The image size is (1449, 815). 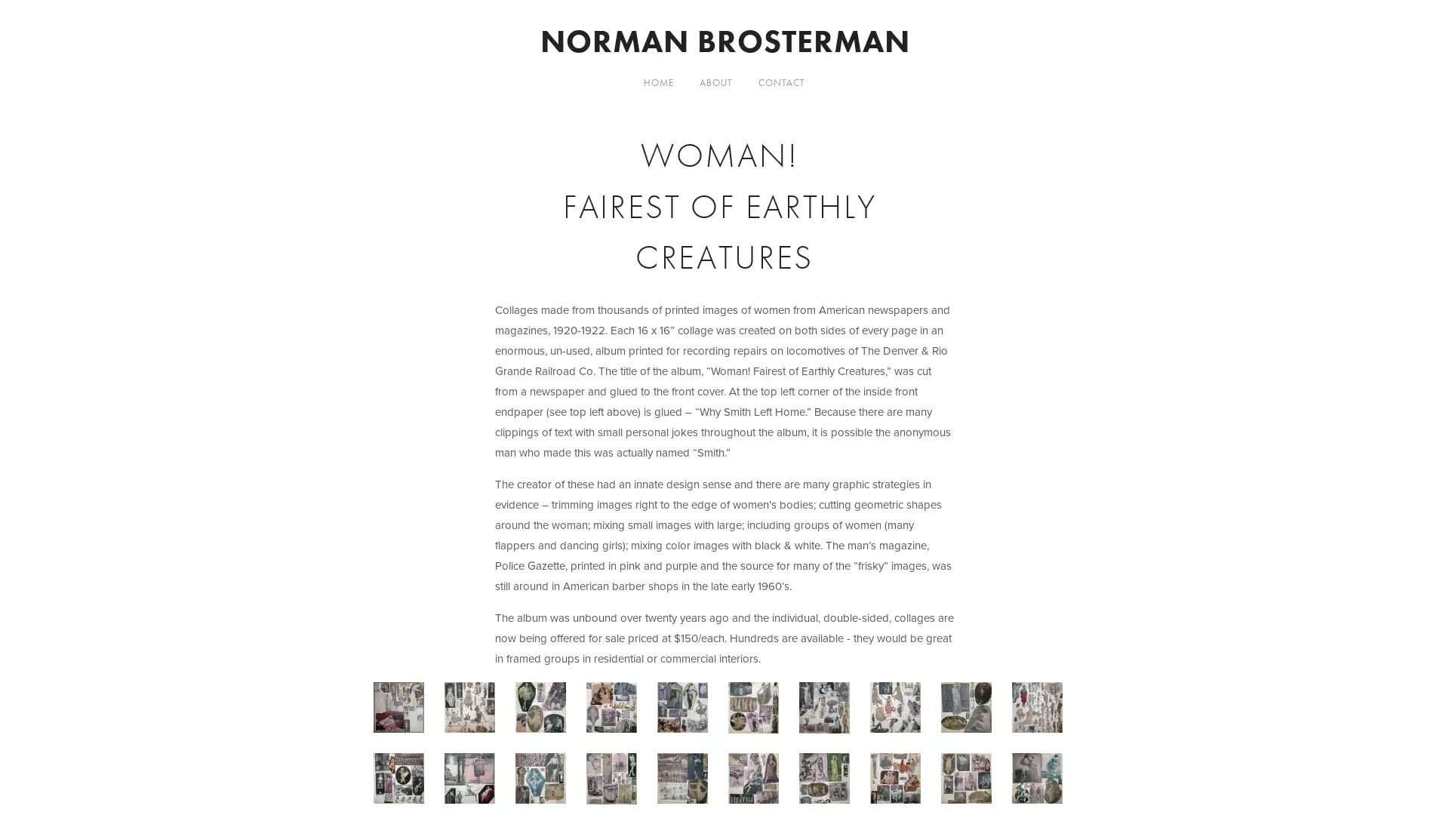 What do you see at coordinates (475, 713) in the screenshot?
I see `View fullsize Smith 46.jpg` at bounding box center [475, 713].